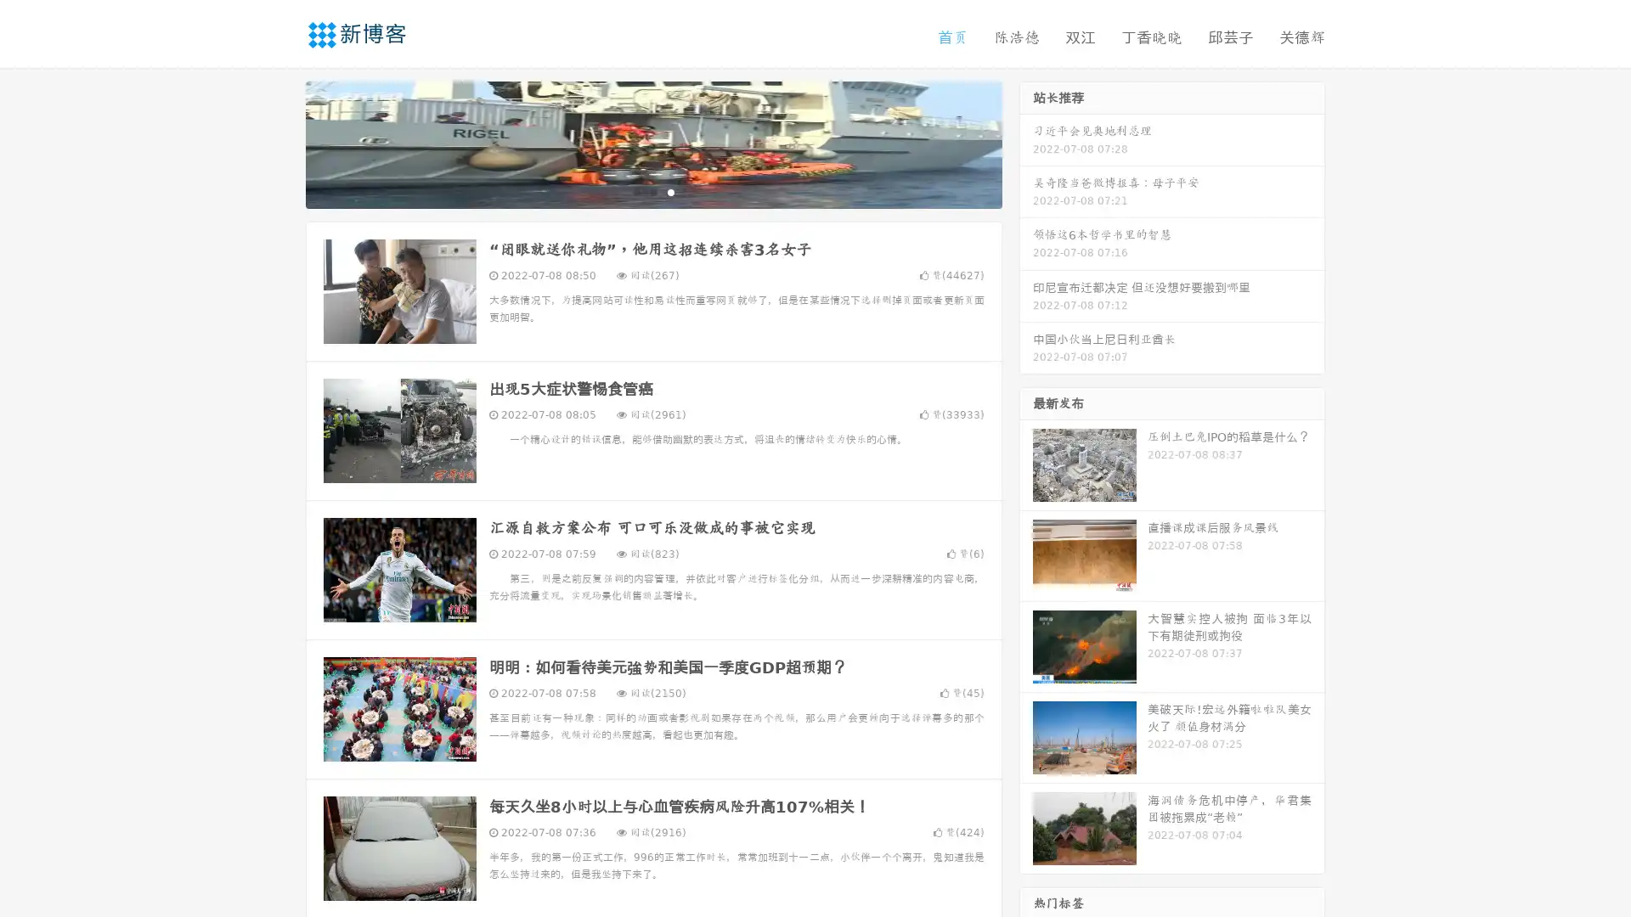 Image resolution: width=1631 pixels, height=917 pixels. Describe the element at coordinates (1026, 143) in the screenshot. I see `Next slide` at that location.